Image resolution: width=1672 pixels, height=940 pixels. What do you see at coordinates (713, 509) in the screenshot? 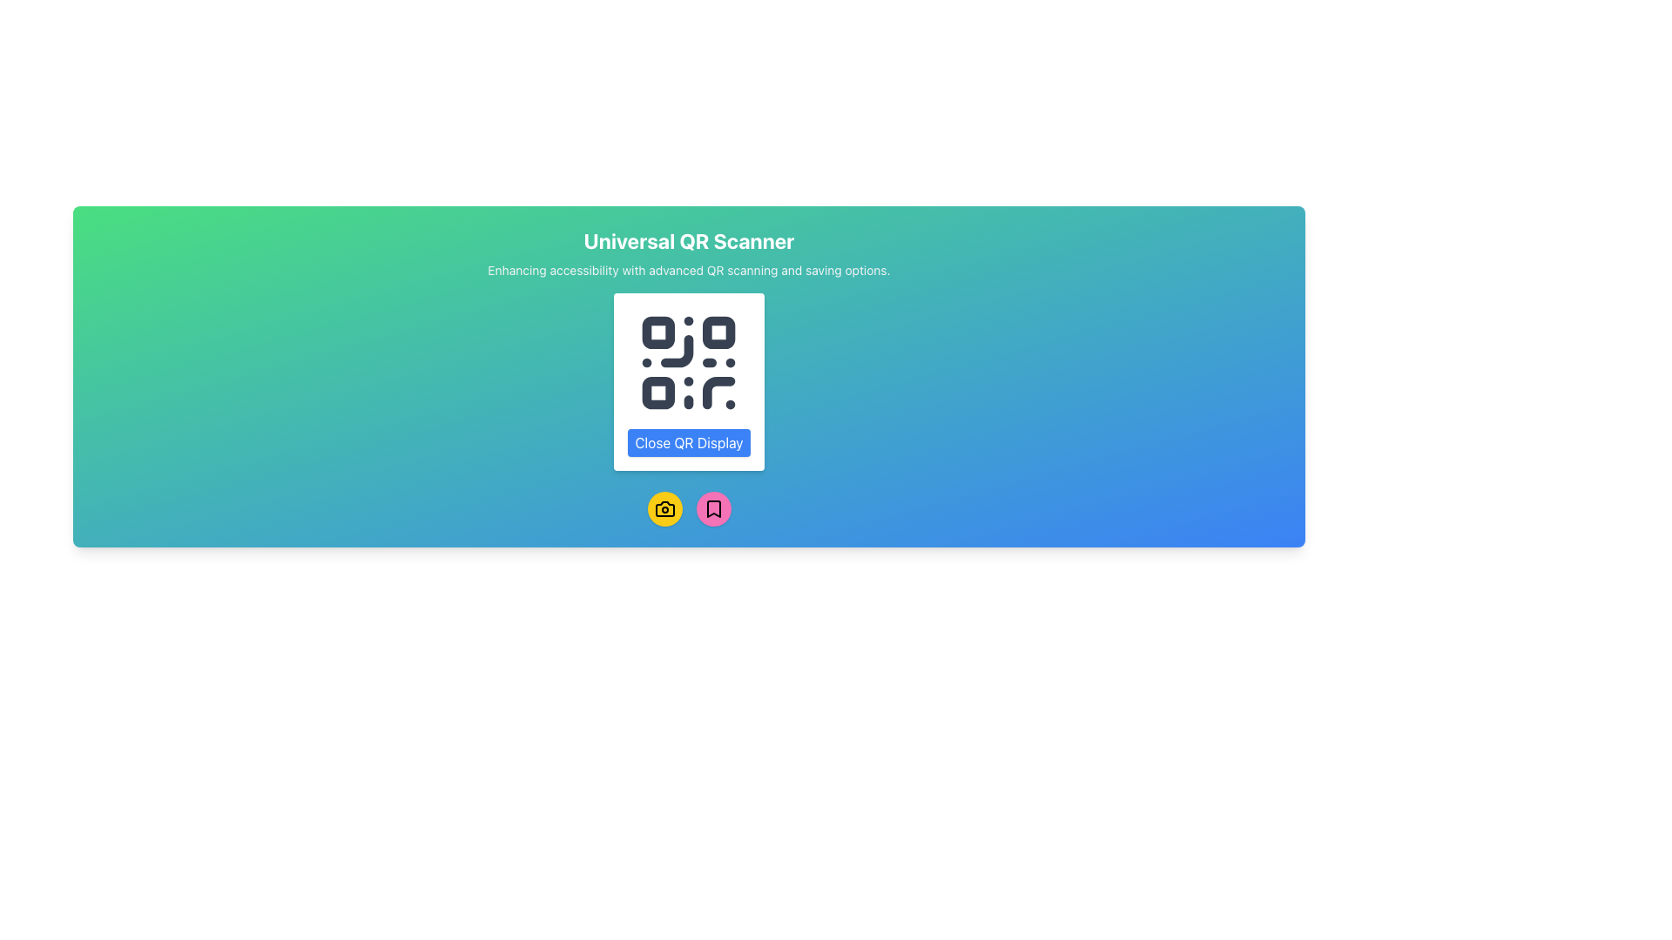
I see `the icon button located in the bottom-right corner of the main interactive section, which is situated to the right of a yellow camera icon` at bounding box center [713, 509].